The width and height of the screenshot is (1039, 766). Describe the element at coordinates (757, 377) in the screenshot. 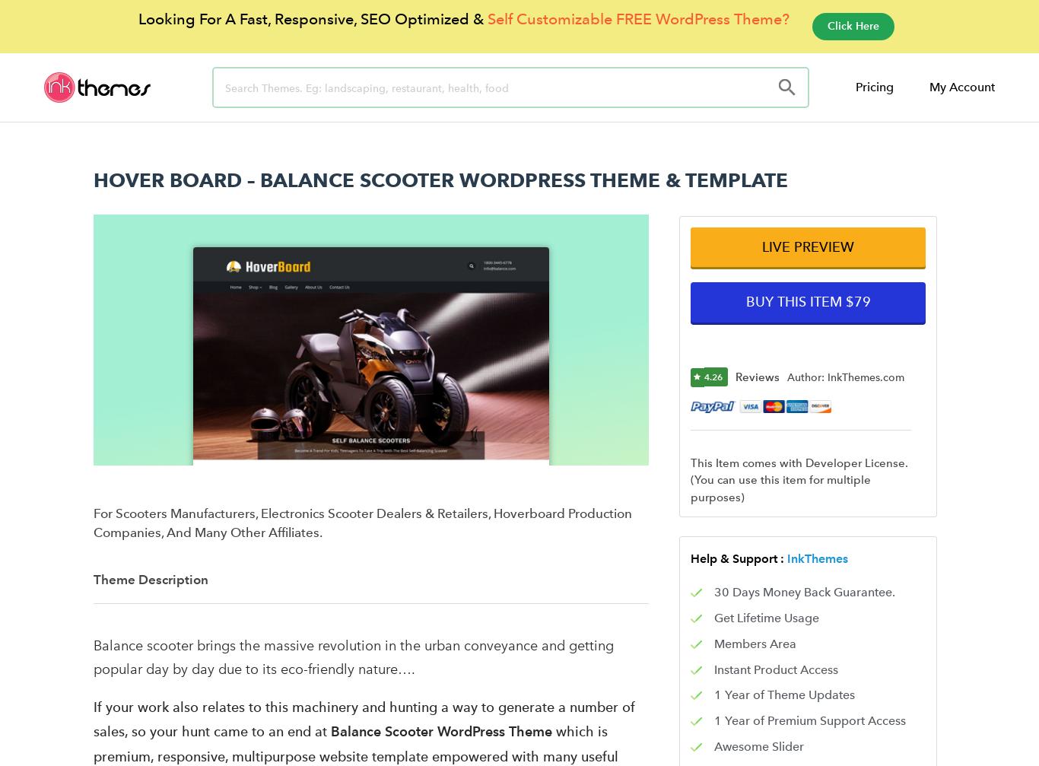

I see `'Reviews'` at that location.